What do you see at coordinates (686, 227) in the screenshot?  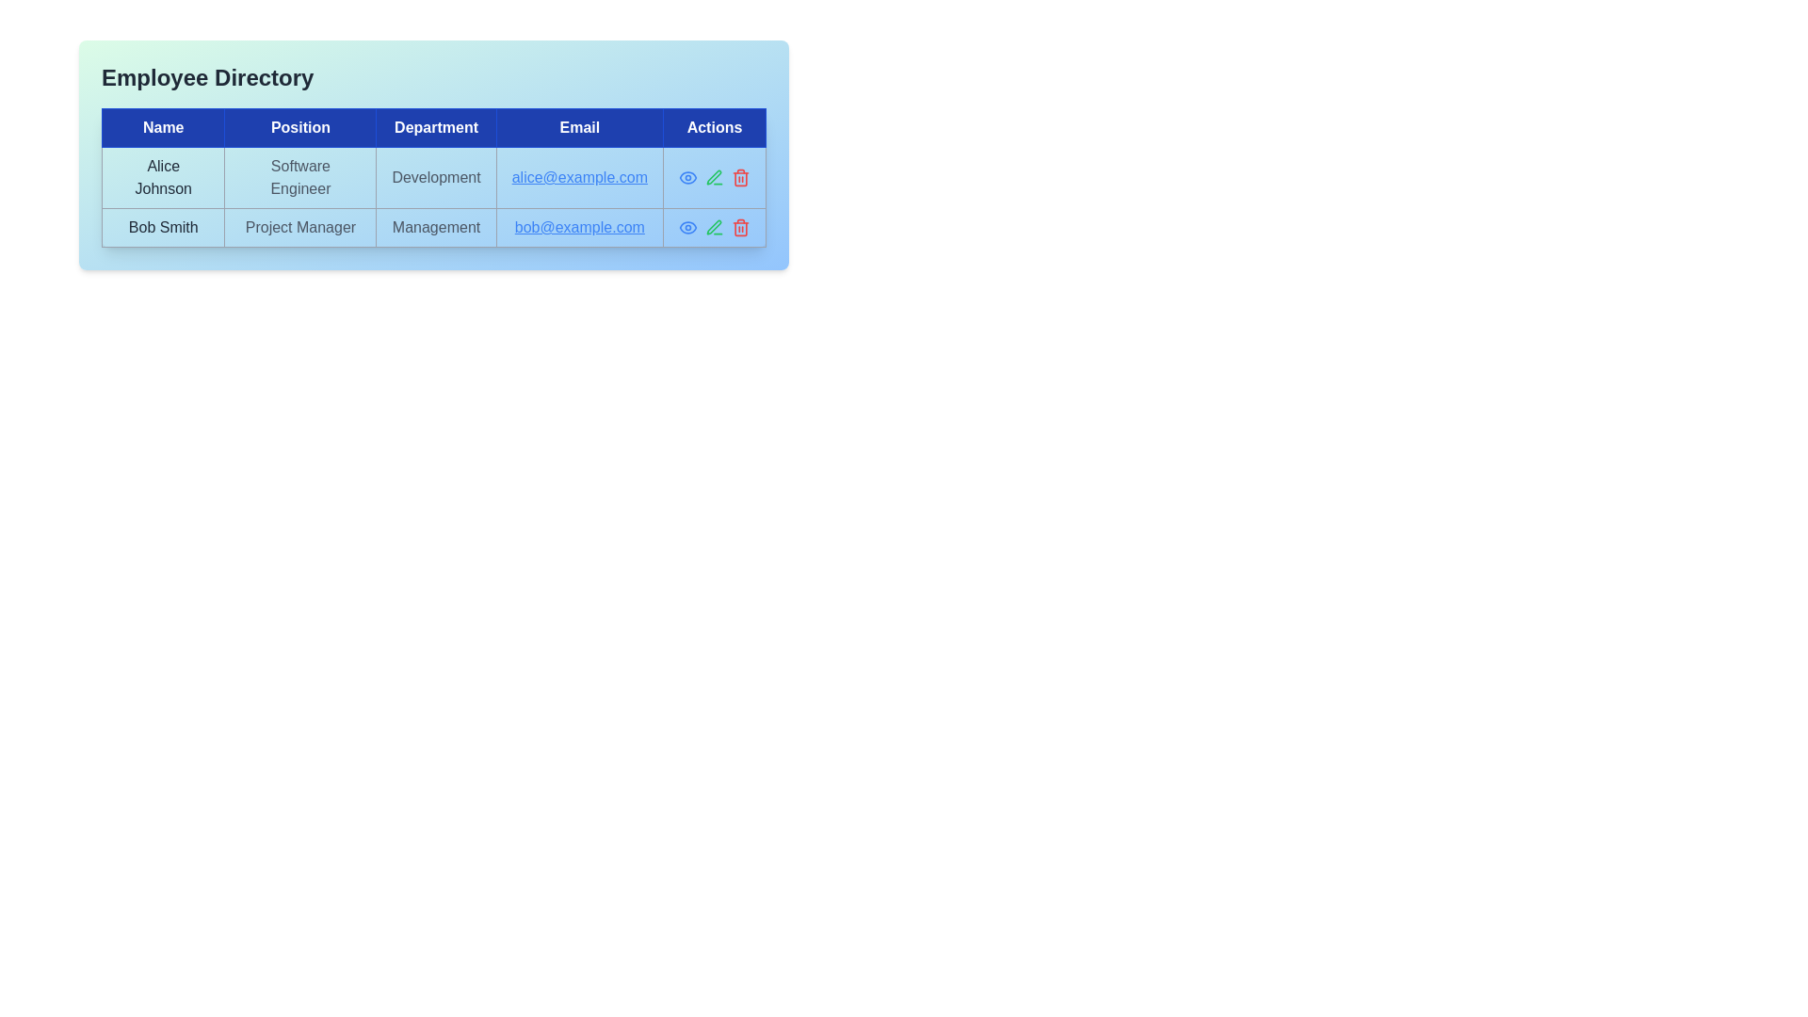 I see `the eye-shaped blue icon in the 'Actions' column for Alice Johnson` at bounding box center [686, 227].